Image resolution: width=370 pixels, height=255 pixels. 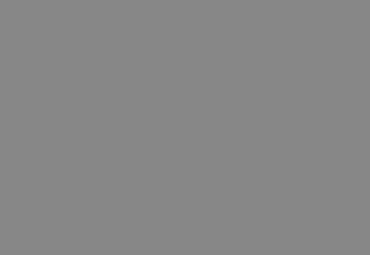 I want to click on 'CMC 430 transport options', so click(x=271, y=86).